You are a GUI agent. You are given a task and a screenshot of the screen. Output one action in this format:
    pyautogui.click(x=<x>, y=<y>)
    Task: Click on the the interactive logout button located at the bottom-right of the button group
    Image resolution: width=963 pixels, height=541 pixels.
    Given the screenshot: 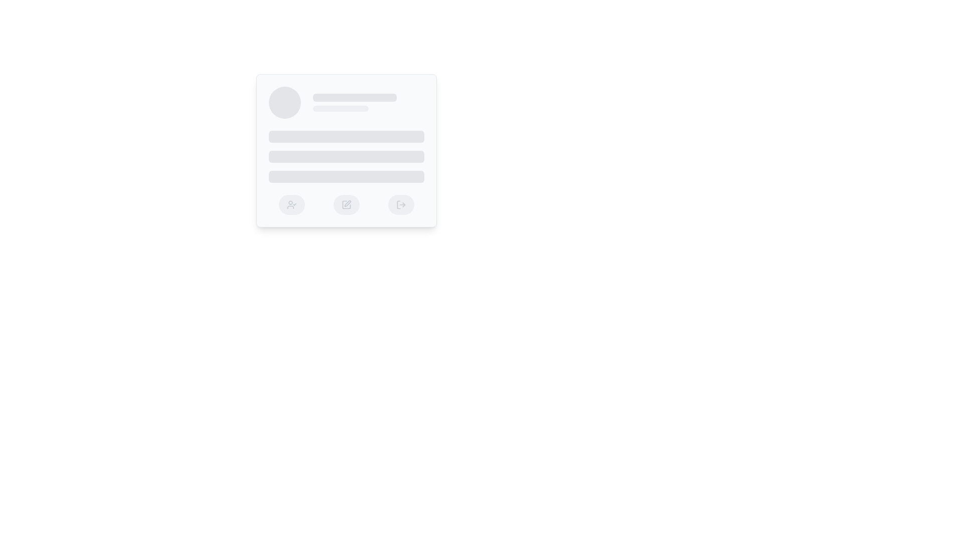 What is the action you would take?
    pyautogui.click(x=400, y=204)
    